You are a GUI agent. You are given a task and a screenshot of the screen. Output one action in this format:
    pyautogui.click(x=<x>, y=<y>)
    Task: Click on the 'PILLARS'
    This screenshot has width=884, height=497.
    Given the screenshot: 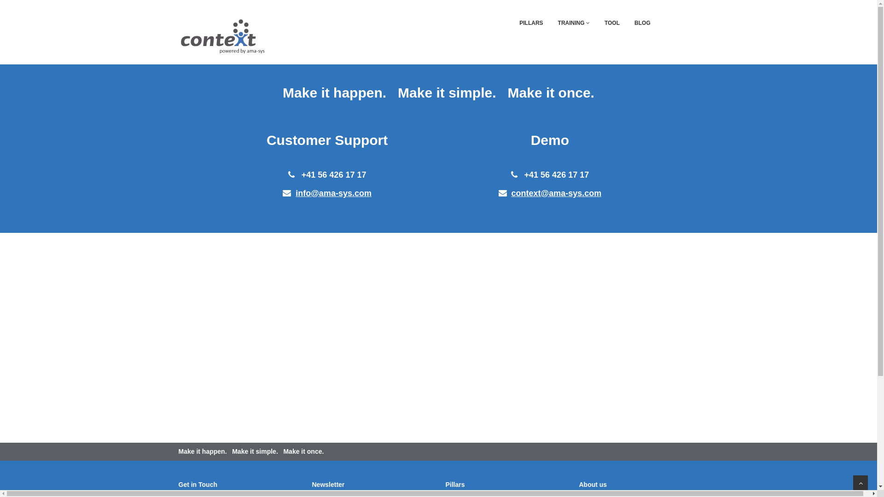 What is the action you would take?
    pyautogui.click(x=531, y=23)
    